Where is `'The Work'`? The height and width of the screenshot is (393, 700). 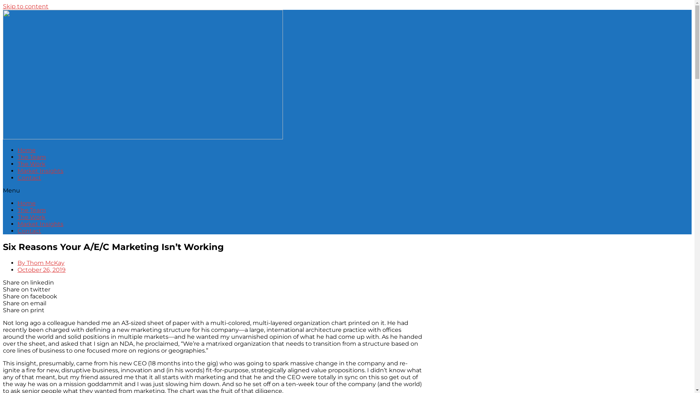
'The Work' is located at coordinates (31, 217).